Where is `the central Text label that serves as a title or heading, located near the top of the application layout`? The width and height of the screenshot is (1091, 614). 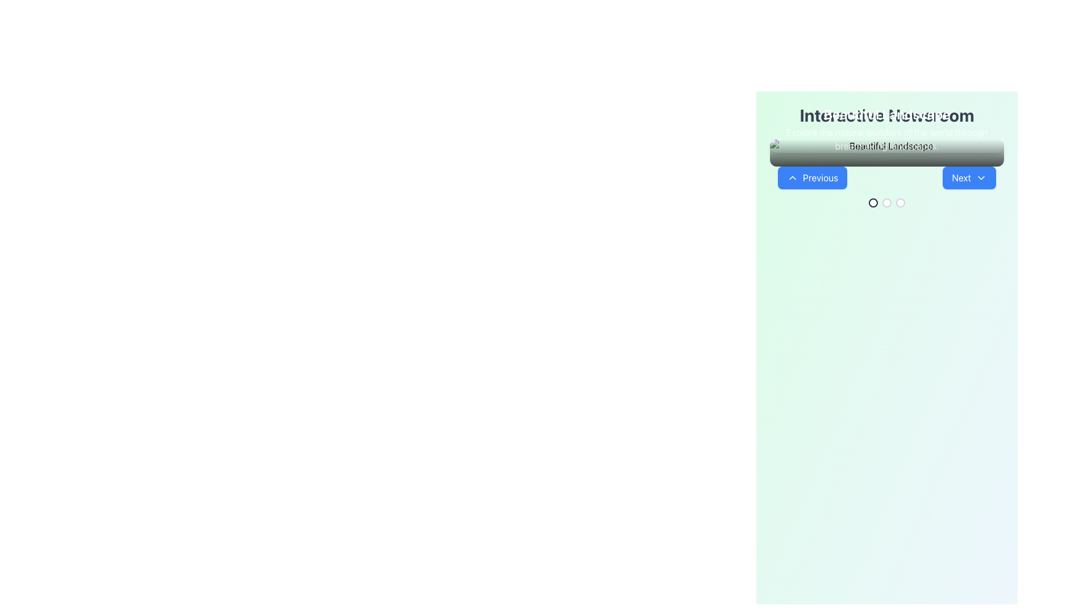 the central Text label that serves as a title or heading, located near the top of the application layout is located at coordinates (886, 114).